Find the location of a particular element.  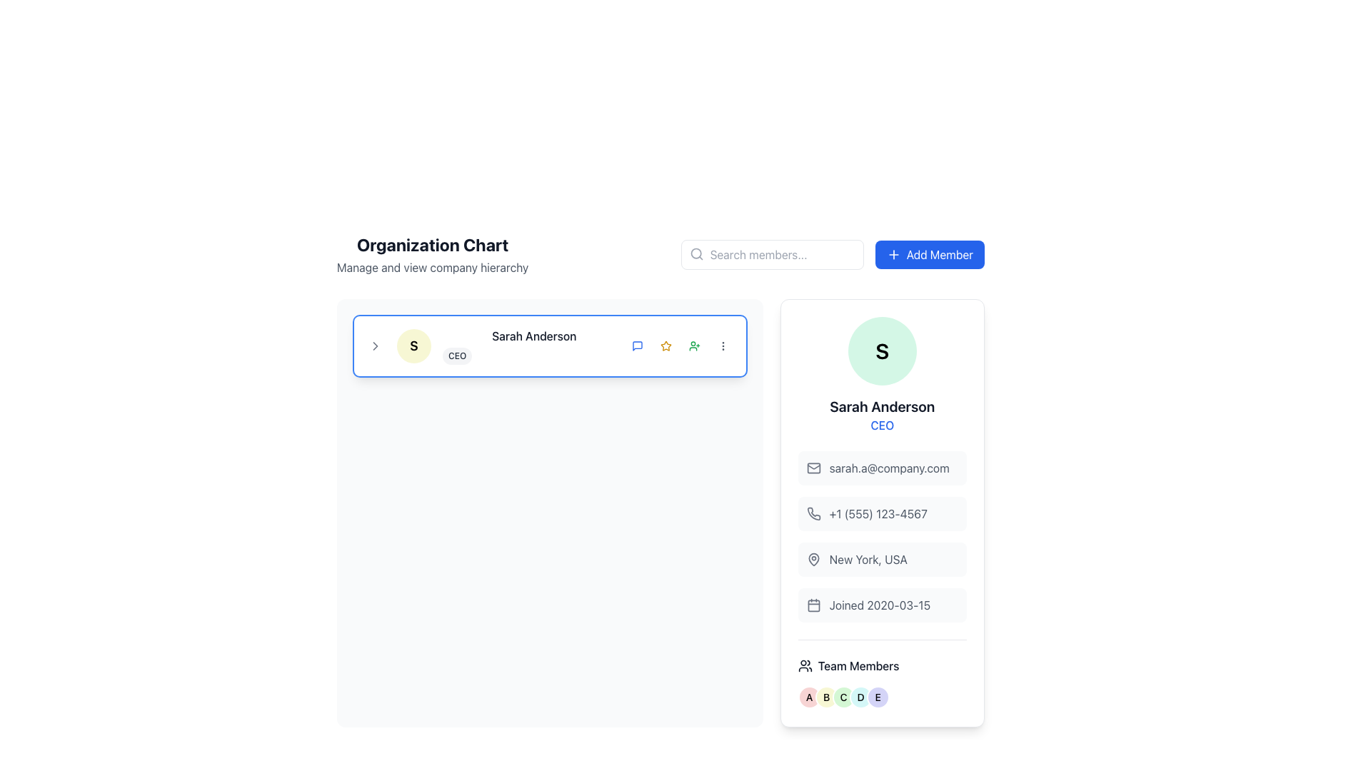

the phone number icon located to the left of the text '+1 (555) 123-4567' is located at coordinates (813, 514).